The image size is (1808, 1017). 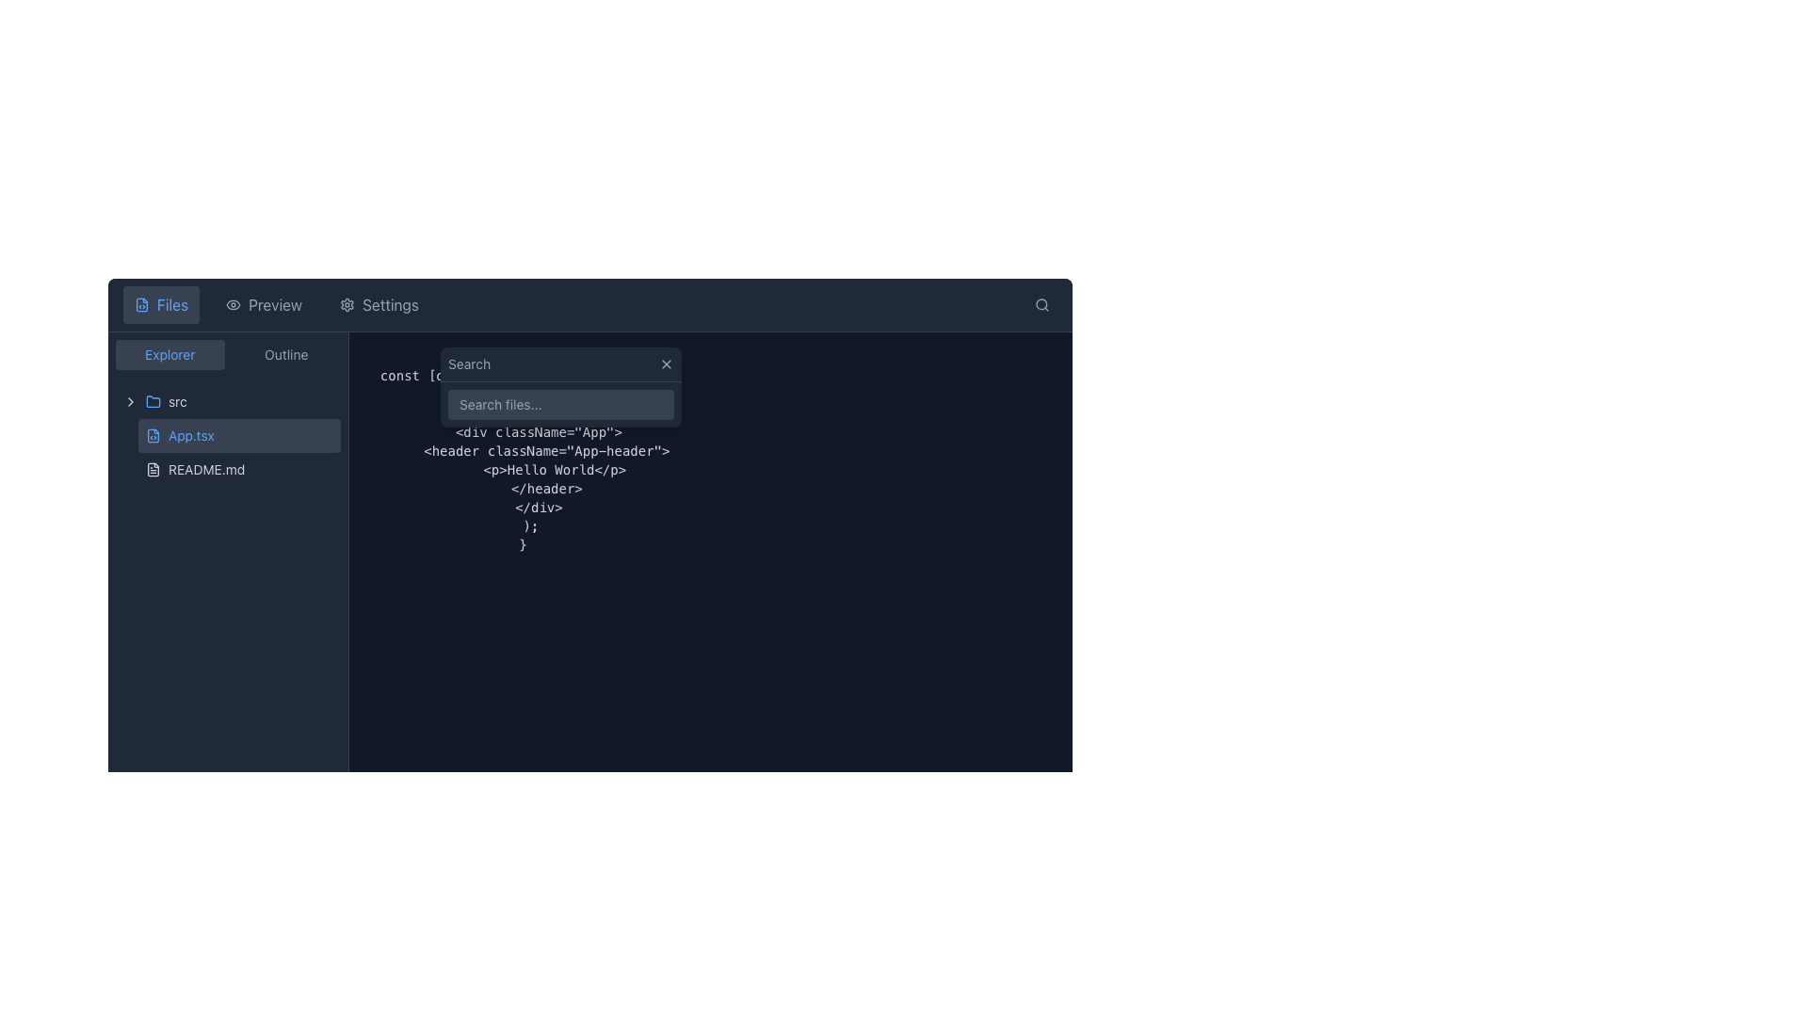 I want to click on the 'Outline' button located to the right of the 'Explorer' button in the navigation menu, so click(x=285, y=355).